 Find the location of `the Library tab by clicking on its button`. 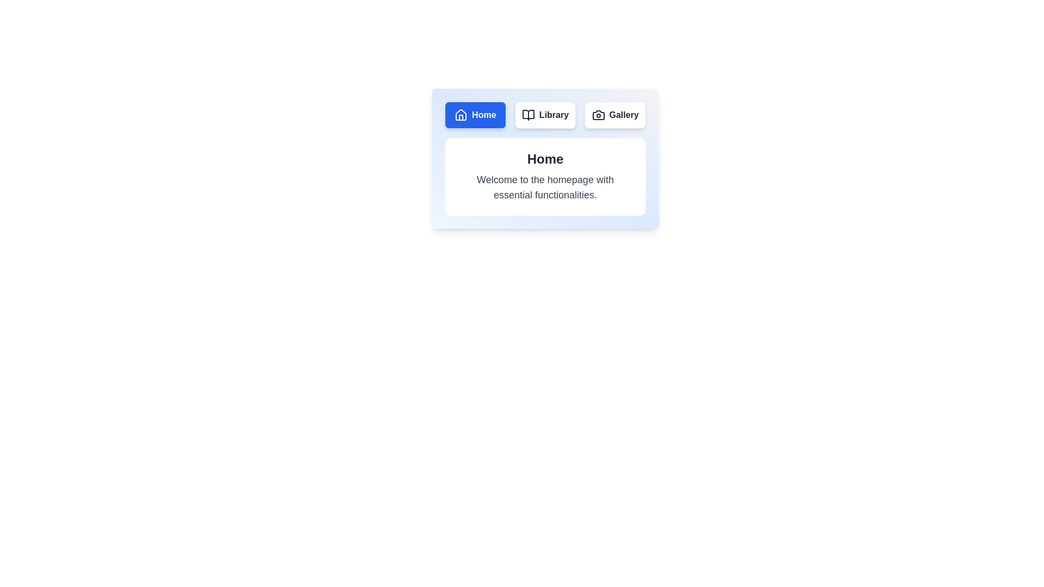

the Library tab by clicking on its button is located at coordinates (545, 115).